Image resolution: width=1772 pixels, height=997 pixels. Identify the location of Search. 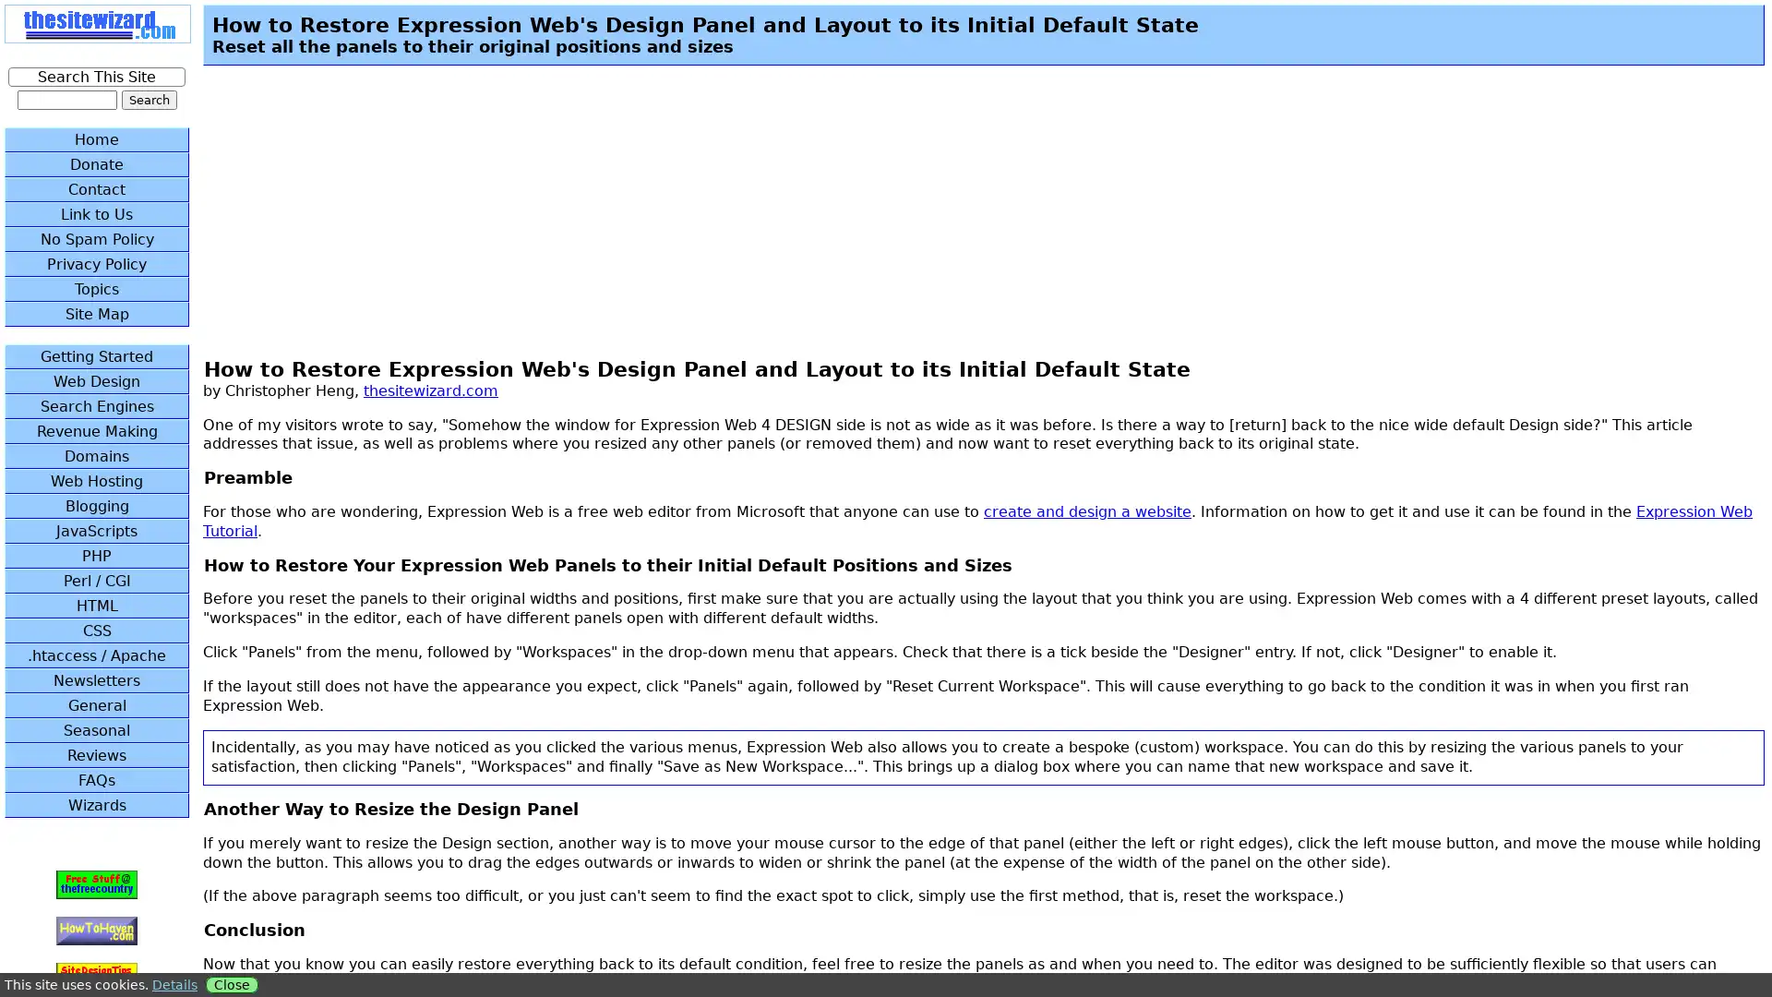
(149, 100).